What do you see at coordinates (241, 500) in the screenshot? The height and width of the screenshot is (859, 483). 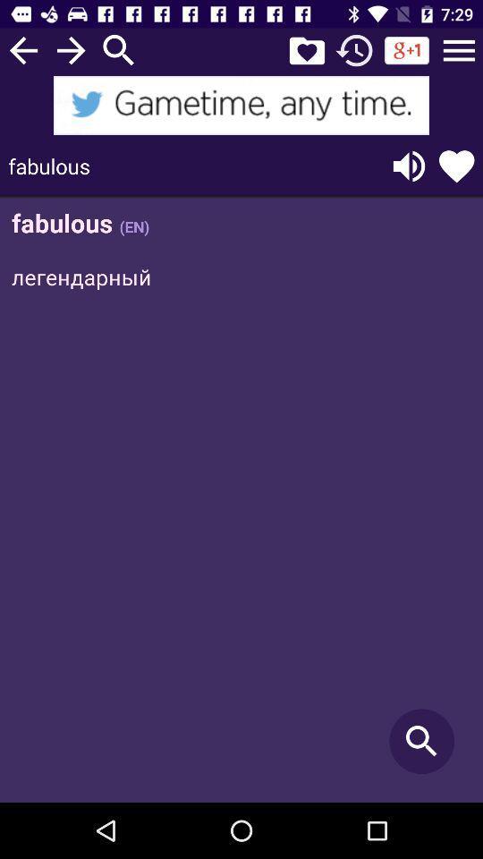 I see `click discription` at bounding box center [241, 500].